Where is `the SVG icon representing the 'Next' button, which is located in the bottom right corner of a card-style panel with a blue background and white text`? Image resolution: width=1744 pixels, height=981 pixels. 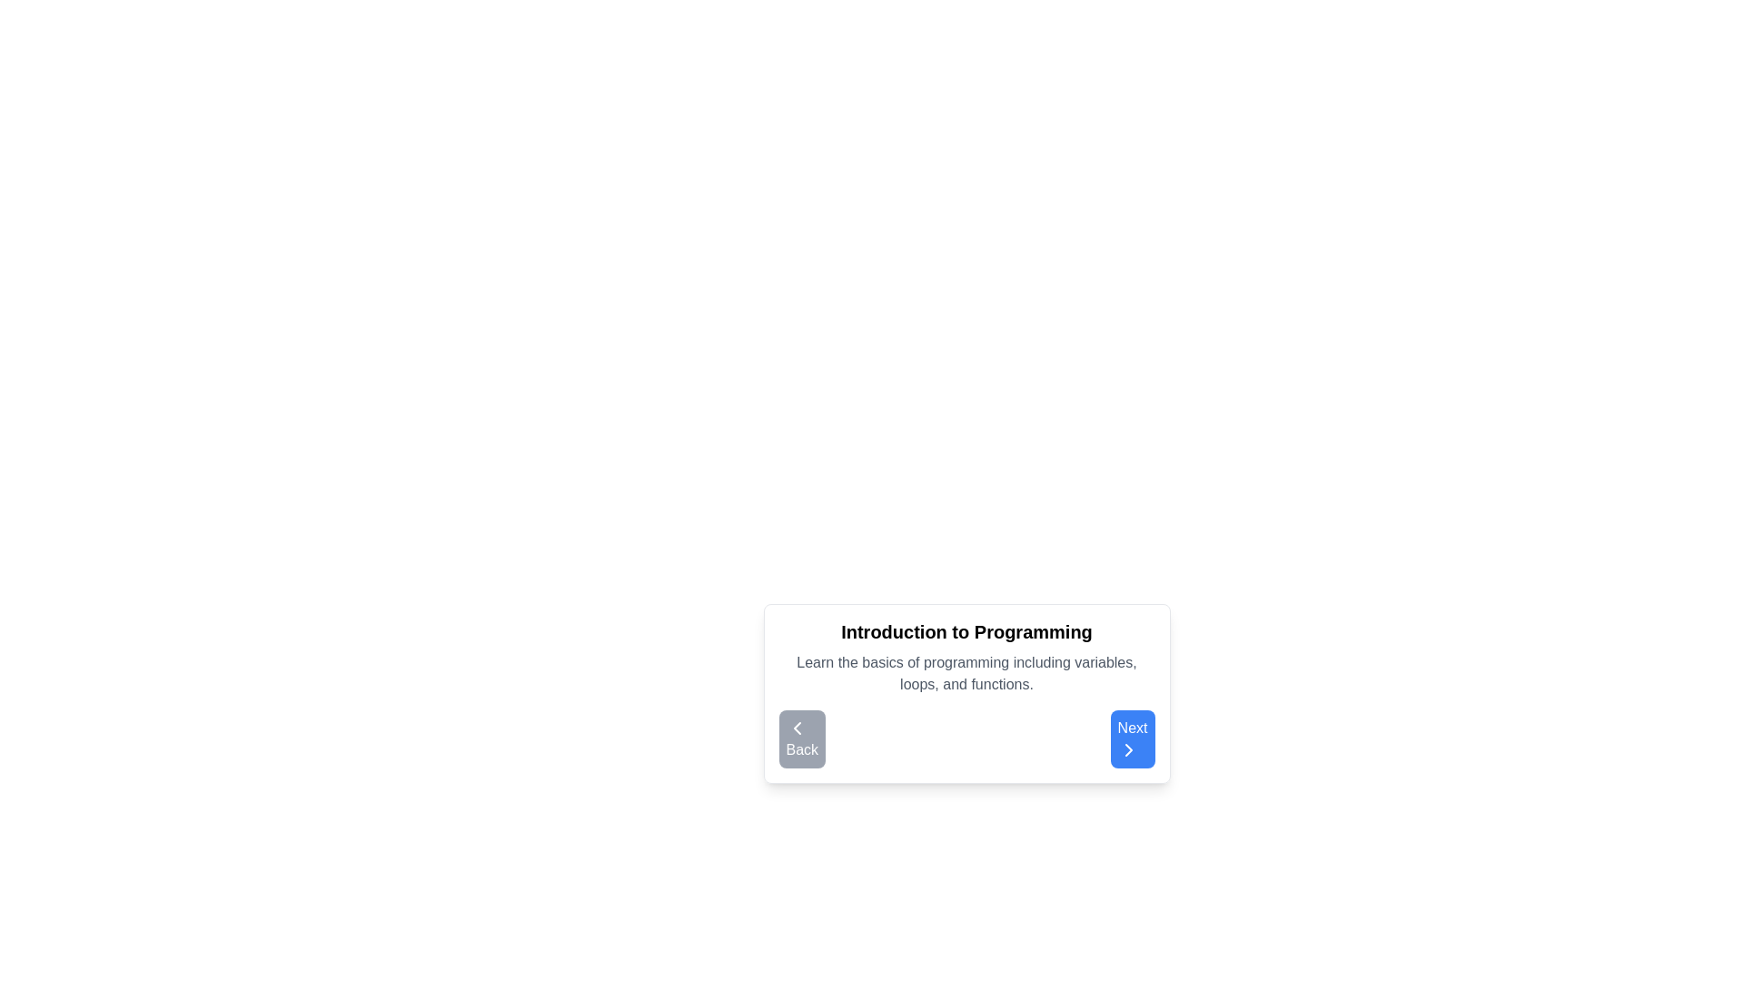
the SVG icon representing the 'Next' button, which is located in the bottom right corner of a card-style panel with a blue background and white text is located at coordinates (1127, 749).